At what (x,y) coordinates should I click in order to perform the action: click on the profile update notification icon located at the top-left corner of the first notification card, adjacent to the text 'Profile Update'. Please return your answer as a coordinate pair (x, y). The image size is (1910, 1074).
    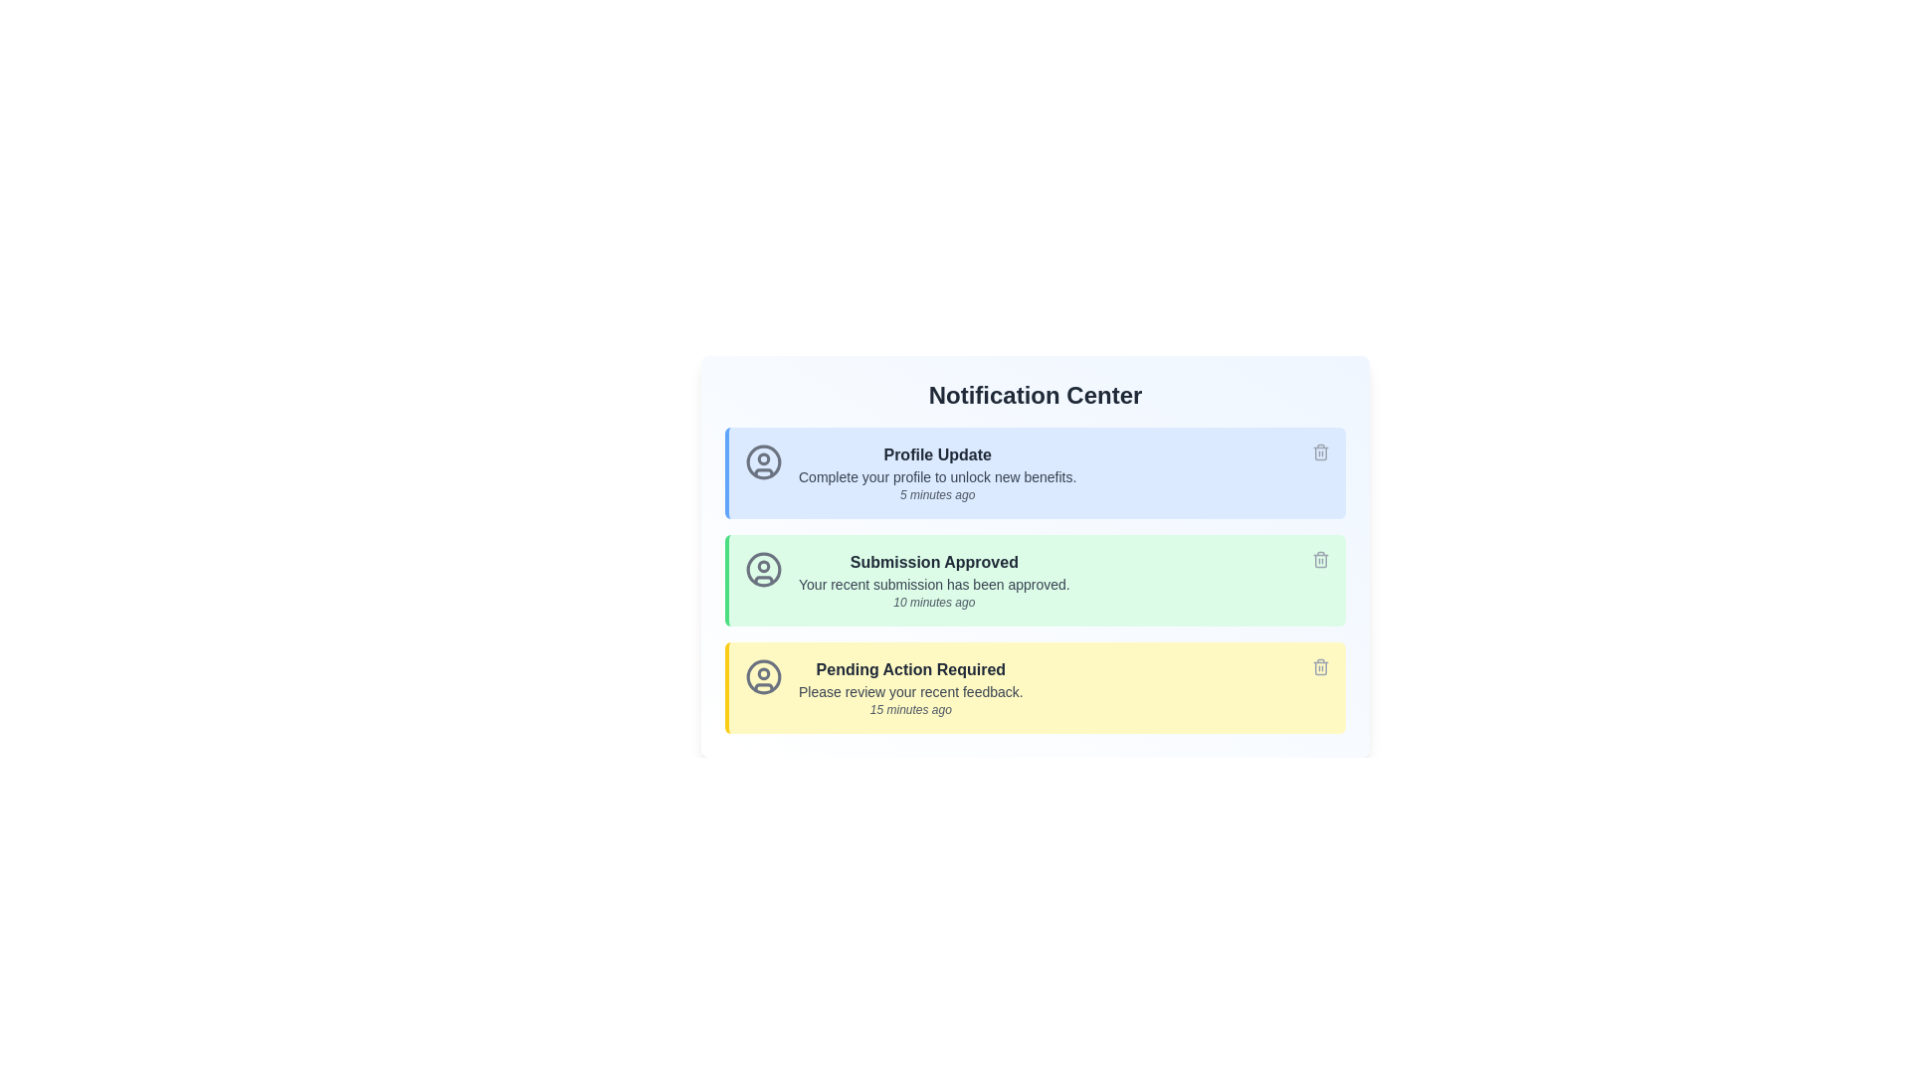
    Looking at the image, I should click on (763, 462).